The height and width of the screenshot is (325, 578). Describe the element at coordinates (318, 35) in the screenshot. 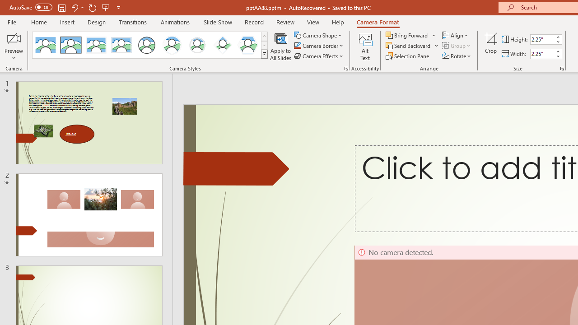

I see `'Camera Shape'` at that location.